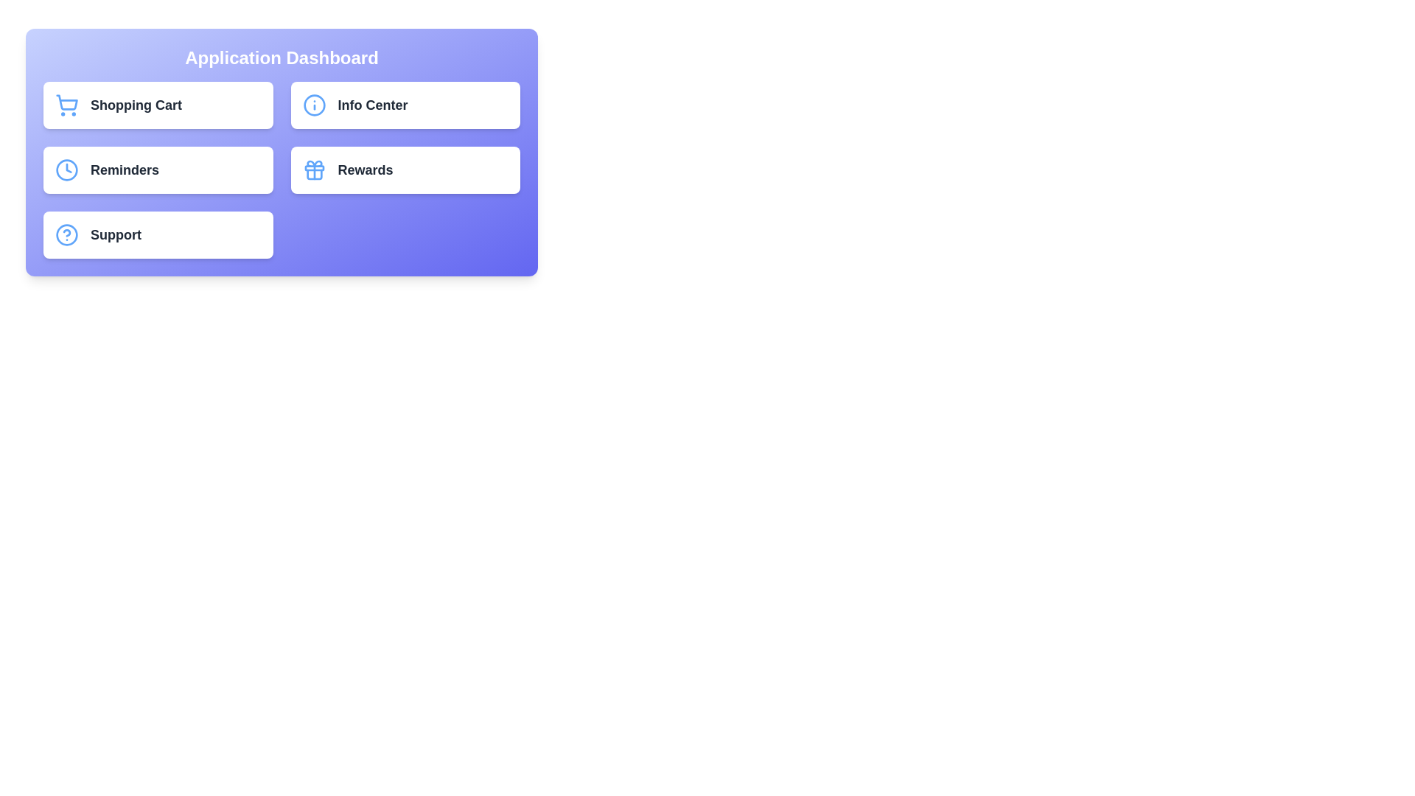 This screenshot has height=796, width=1415. What do you see at coordinates (313, 170) in the screenshot?
I see `the blue gift icon, which represents a wrapped box with a bow, located in the 'Rewards' section of the Application Dashboard` at bounding box center [313, 170].